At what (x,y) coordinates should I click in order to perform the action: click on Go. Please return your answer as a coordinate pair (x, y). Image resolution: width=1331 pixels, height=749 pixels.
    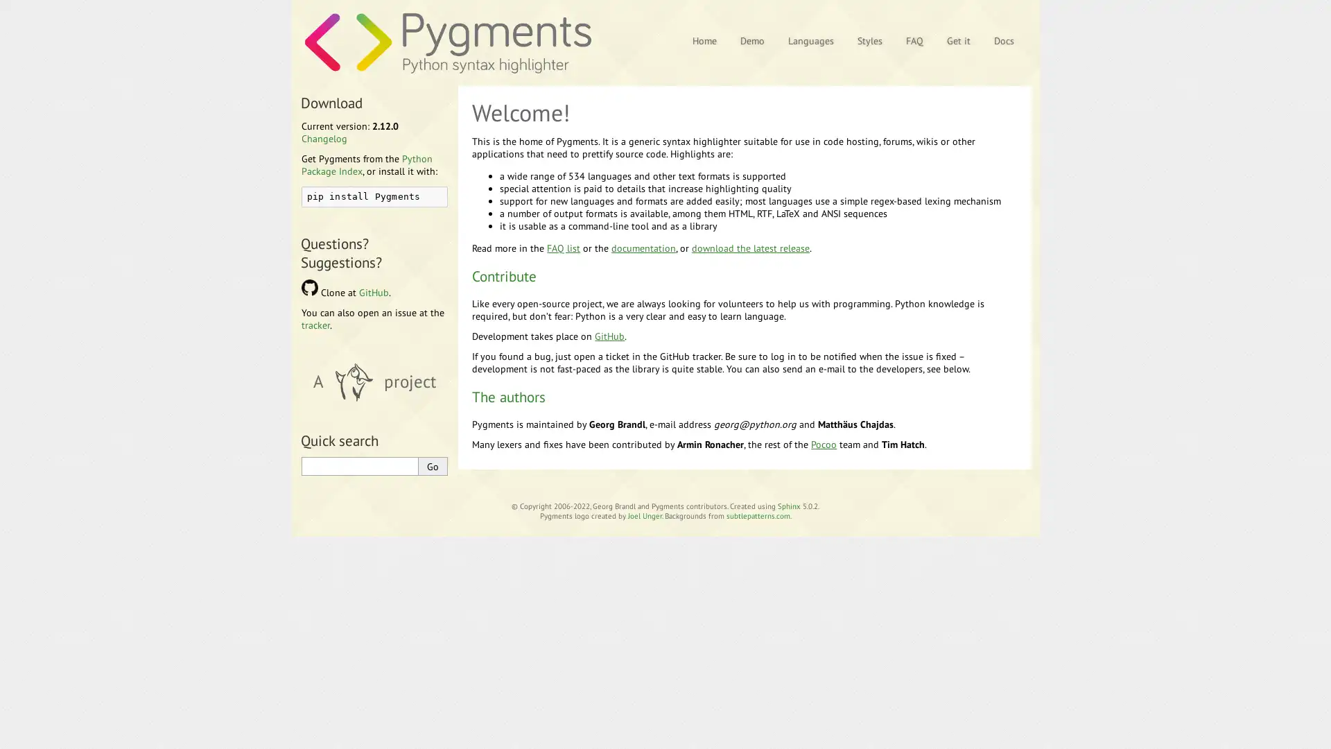
    Looking at the image, I should click on (432, 466).